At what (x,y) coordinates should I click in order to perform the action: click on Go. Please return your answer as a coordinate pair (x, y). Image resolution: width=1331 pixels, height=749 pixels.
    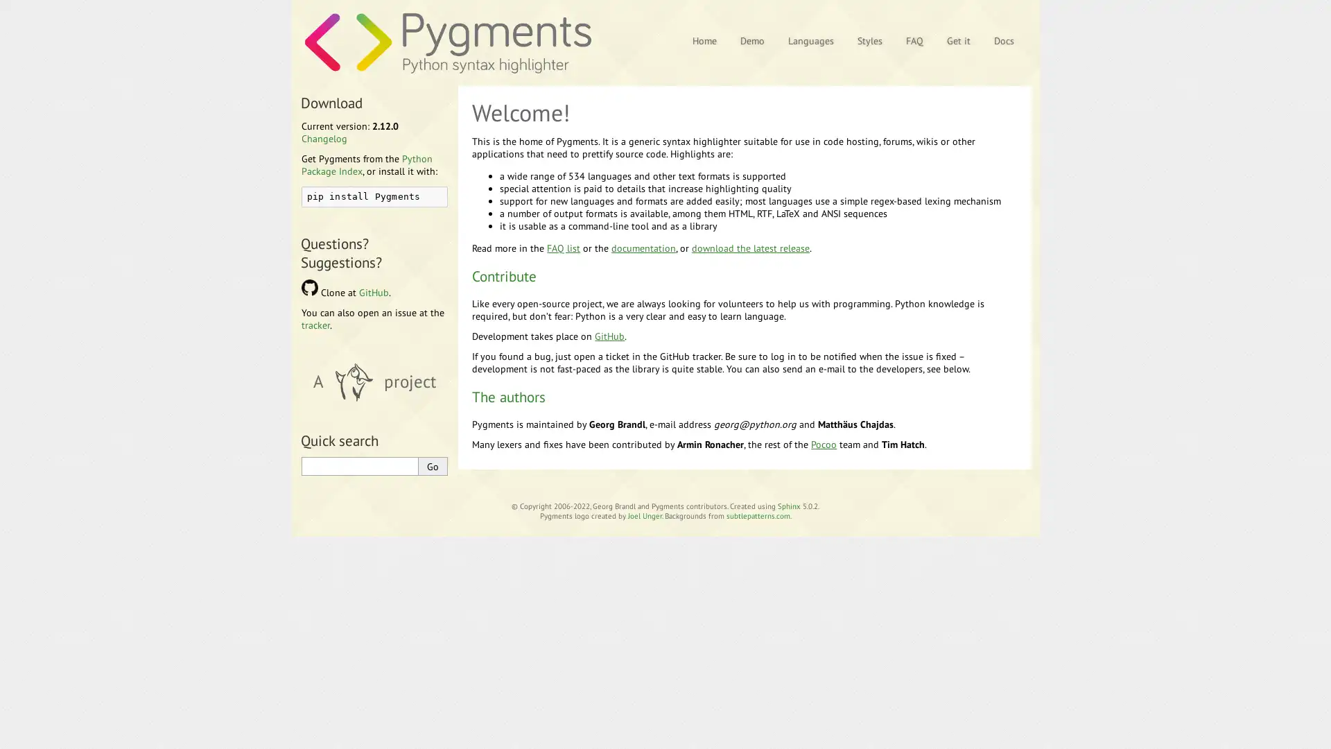
    Looking at the image, I should click on (432, 466).